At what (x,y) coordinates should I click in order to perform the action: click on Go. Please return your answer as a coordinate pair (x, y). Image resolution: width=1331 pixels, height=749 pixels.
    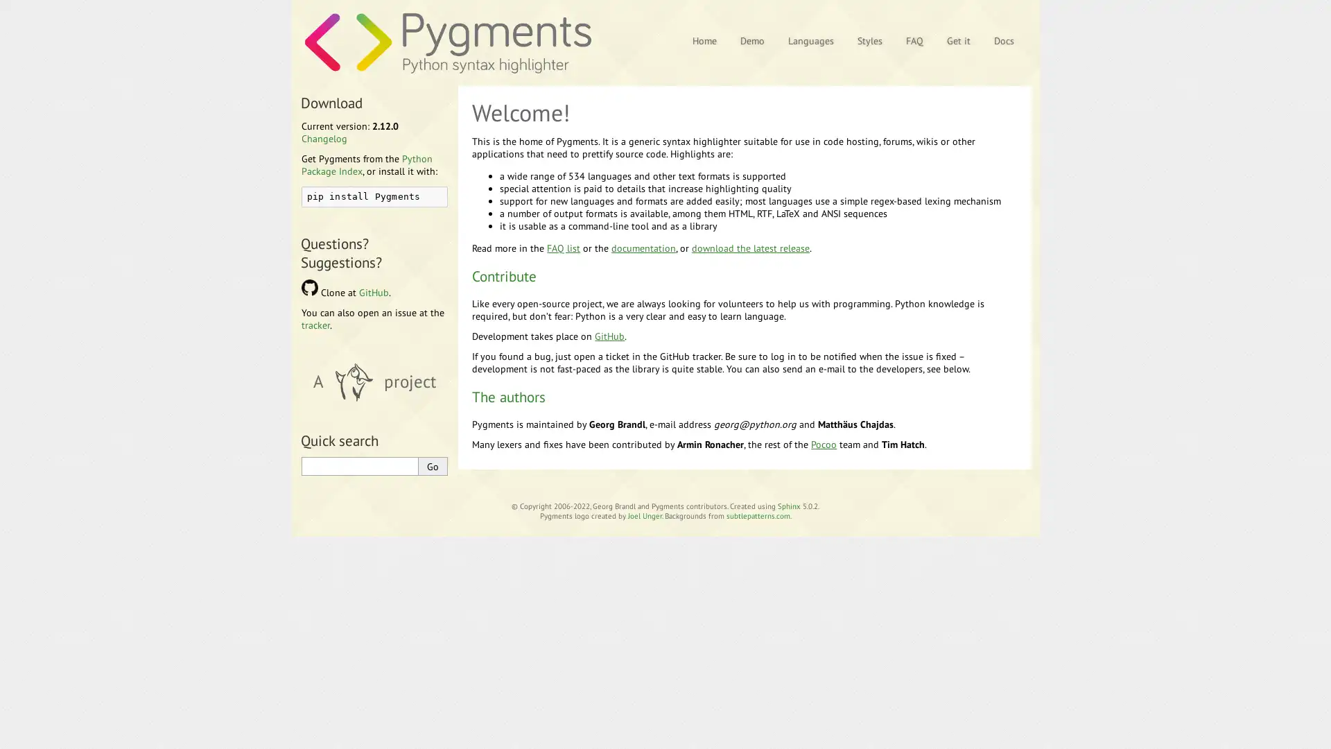
    Looking at the image, I should click on (432, 466).